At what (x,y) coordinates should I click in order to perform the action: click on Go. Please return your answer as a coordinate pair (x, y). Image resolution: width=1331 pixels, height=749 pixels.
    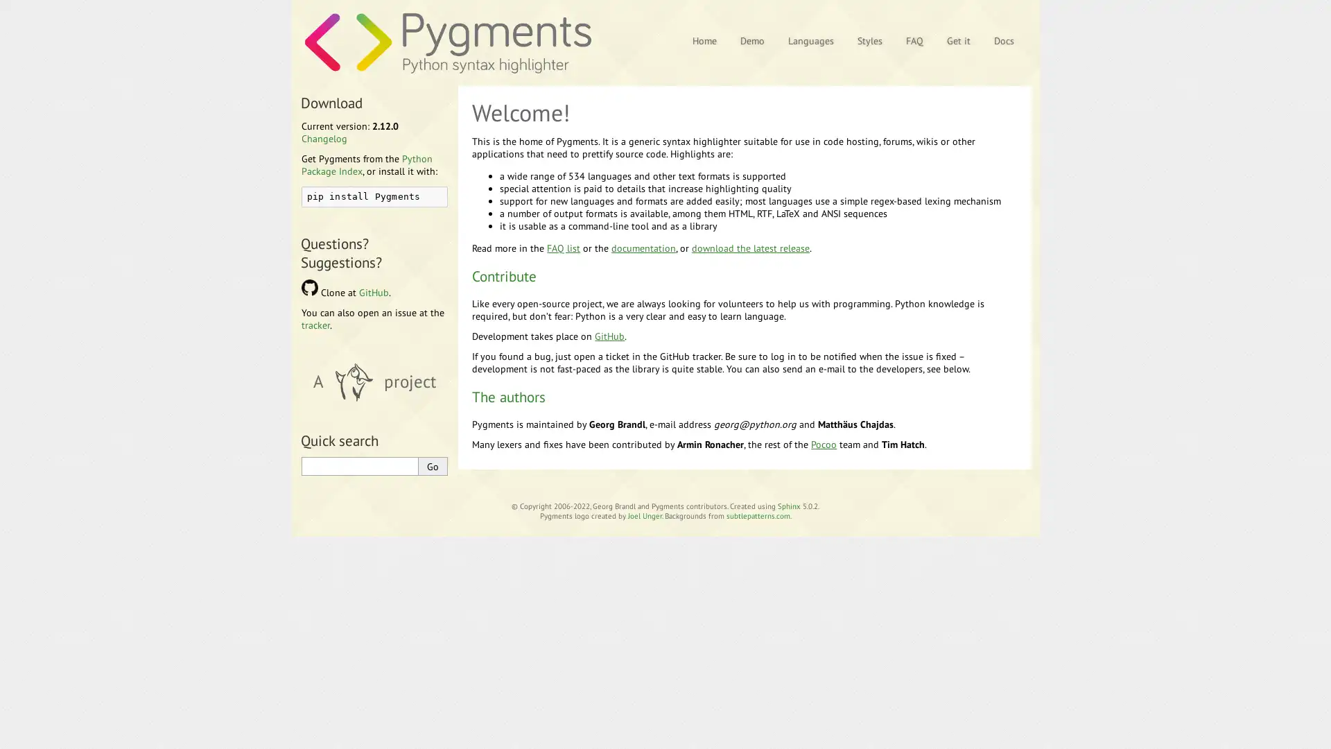
    Looking at the image, I should click on (432, 466).